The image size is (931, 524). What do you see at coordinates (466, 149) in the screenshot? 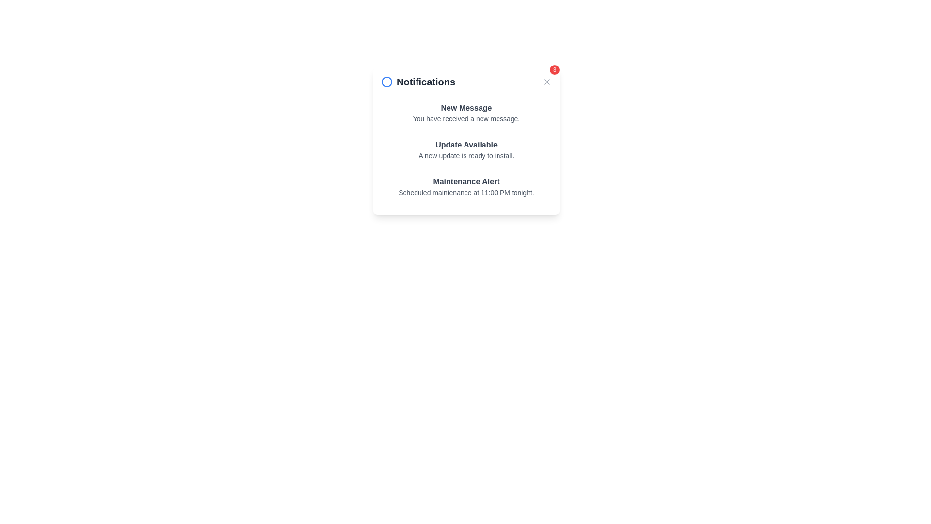
I see `the Informational panel located beneath the 'Notifications' heading, which is a non-interactive notification panel providing updates, messages, or alerts` at bounding box center [466, 149].